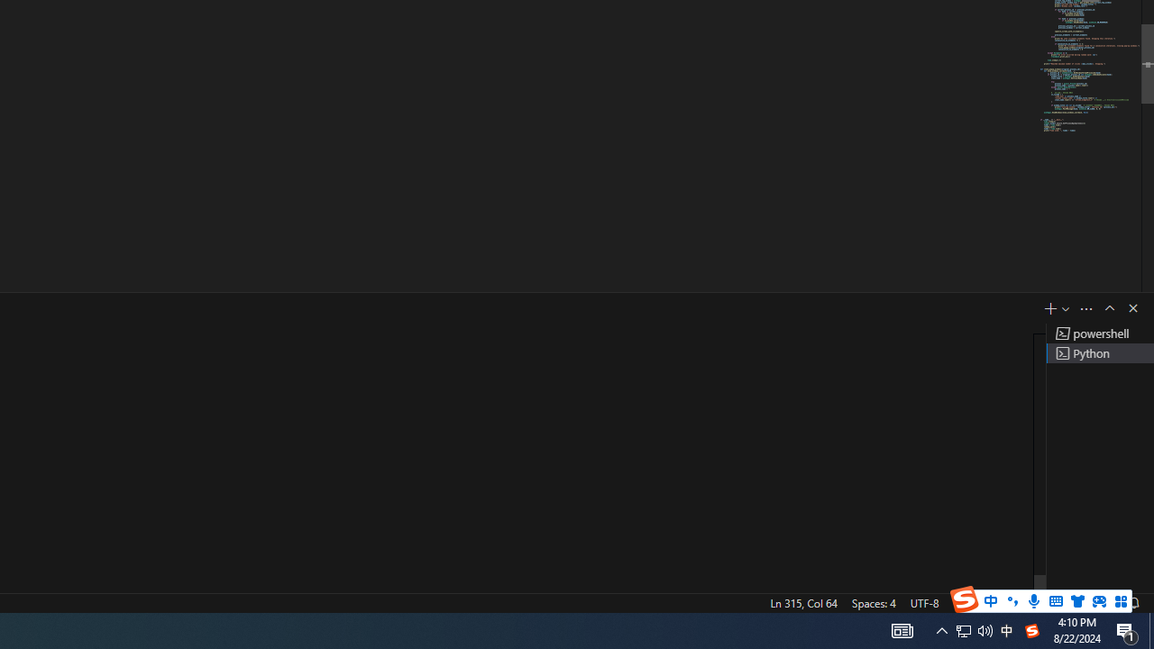 The image size is (1154, 649). I want to click on 'Launch Profile...', so click(1066, 307).